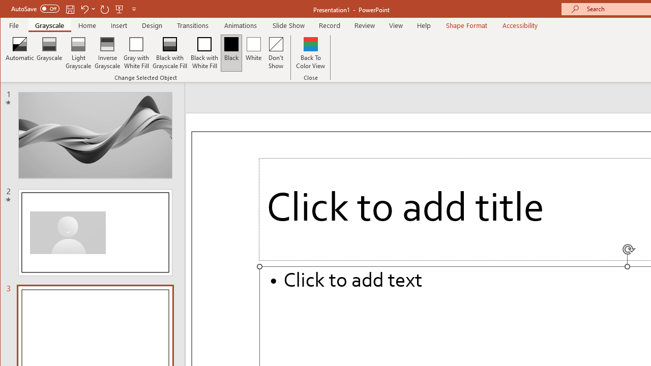 Image resolution: width=651 pixels, height=366 pixels. What do you see at coordinates (276, 53) in the screenshot?
I see `'Don'` at bounding box center [276, 53].